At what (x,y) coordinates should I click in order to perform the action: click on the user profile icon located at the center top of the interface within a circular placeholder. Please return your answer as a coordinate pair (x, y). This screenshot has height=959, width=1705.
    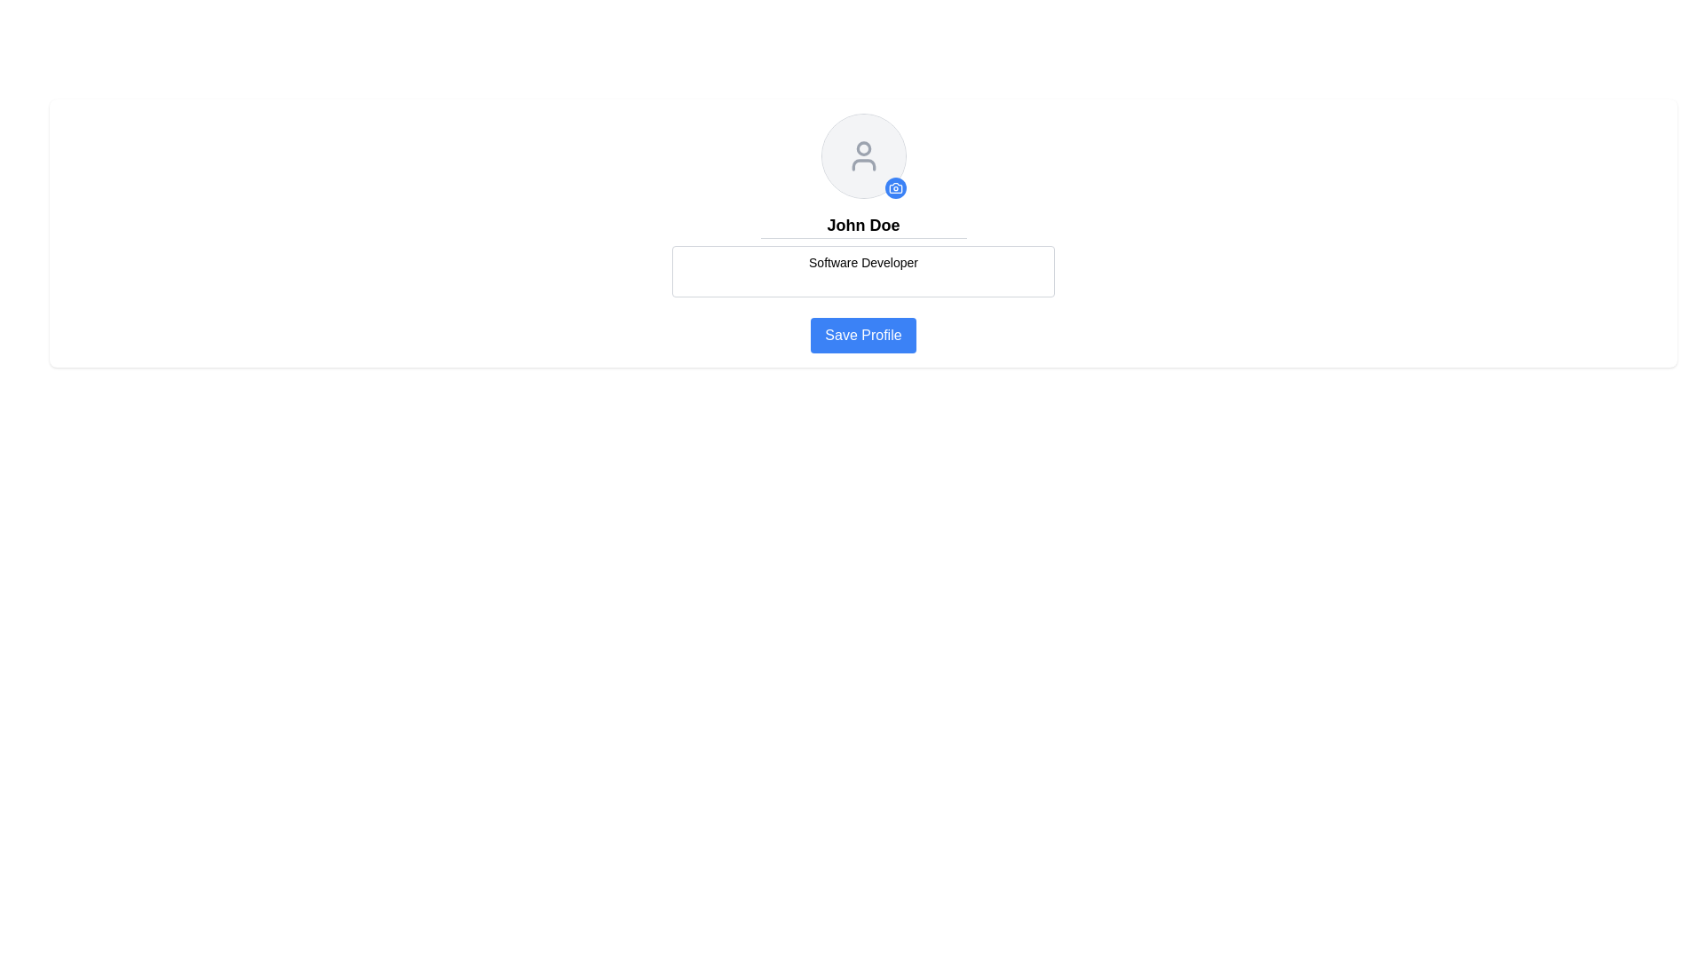
    Looking at the image, I should click on (863, 155).